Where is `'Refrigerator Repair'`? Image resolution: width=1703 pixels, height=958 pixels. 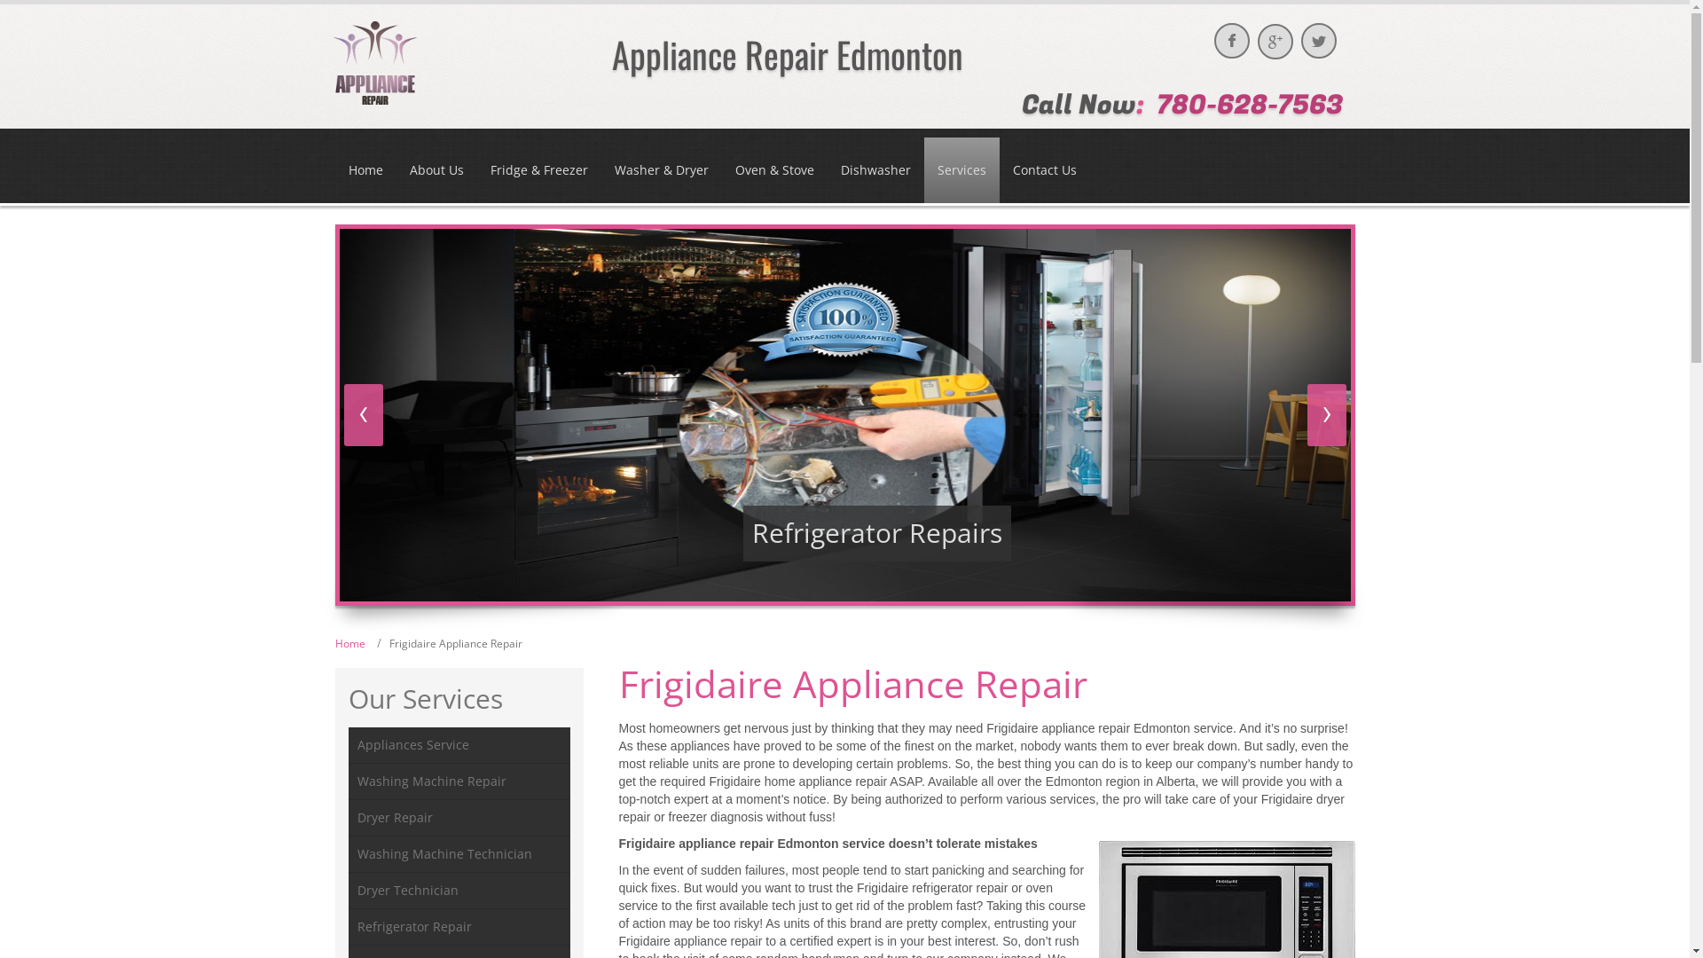
'Refrigerator Repair' is located at coordinates (459, 926).